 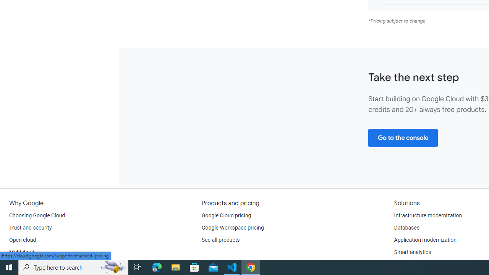 What do you see at coordinates (428, 215) in the screenshot?
I see `'Infrastructure modernization'` at bounding box center [428, 215].